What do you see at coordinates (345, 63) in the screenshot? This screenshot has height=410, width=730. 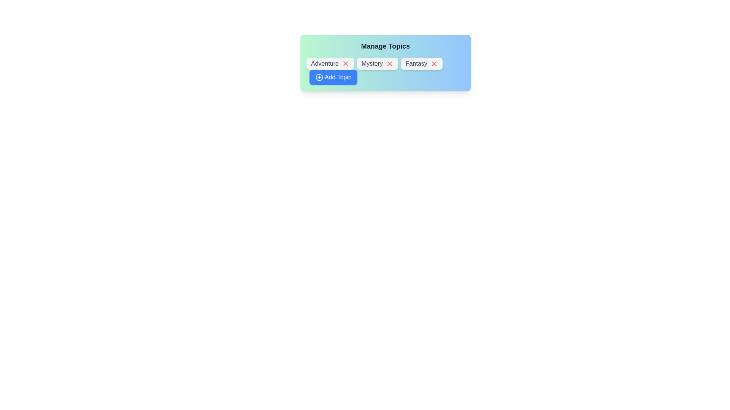 I see `'X' button on the chip labeled 'Adventure' to delete it` at bounding box center [345, 63].